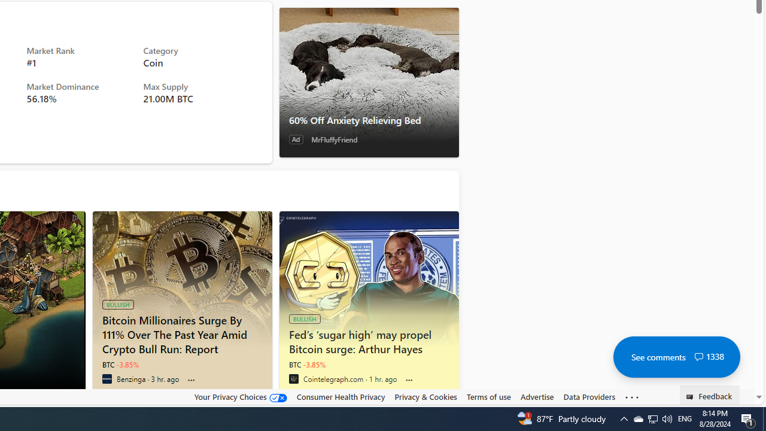 This screenshot has width=766, height=431. I want to click on 'Class: feedback_link_icon-DS-EntryPoint1-1', so click(692, 397).